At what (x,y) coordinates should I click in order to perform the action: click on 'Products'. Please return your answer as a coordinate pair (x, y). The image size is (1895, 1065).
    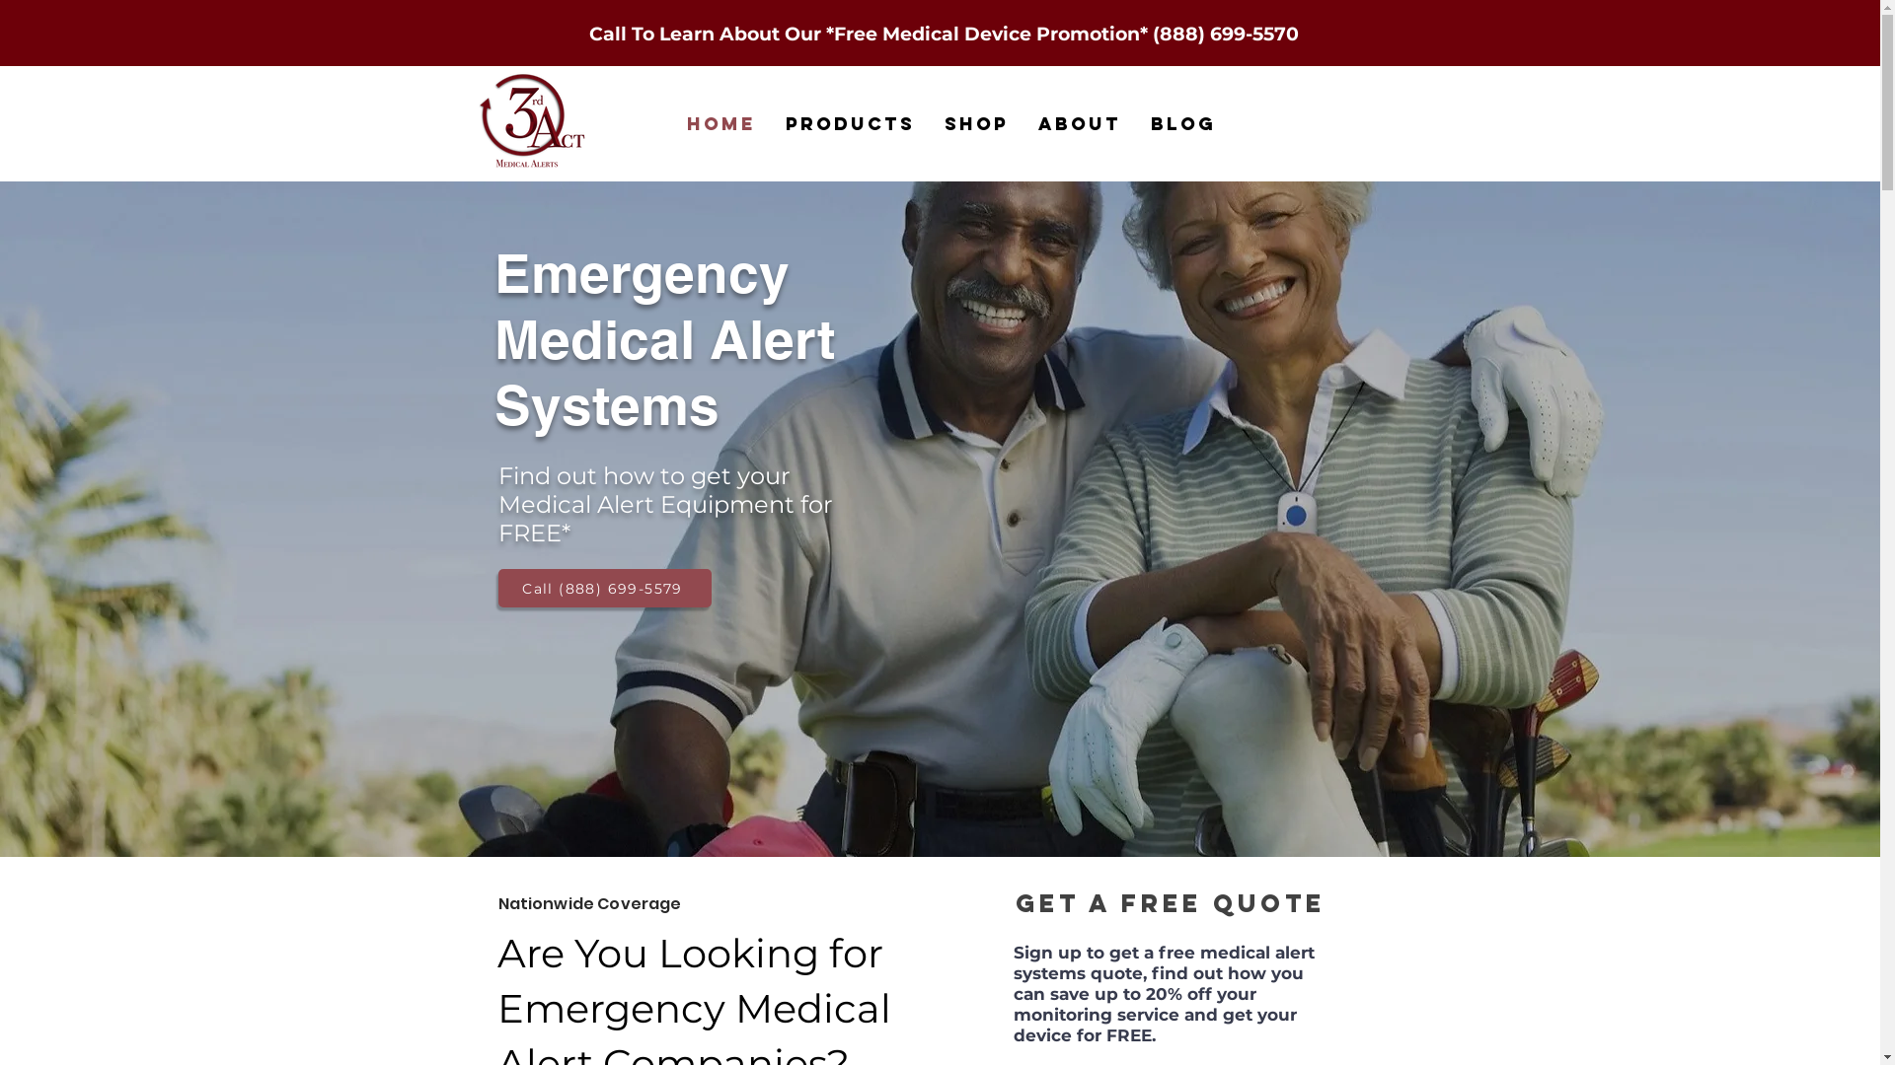
    Looking at the image, I should click on (849, 123).